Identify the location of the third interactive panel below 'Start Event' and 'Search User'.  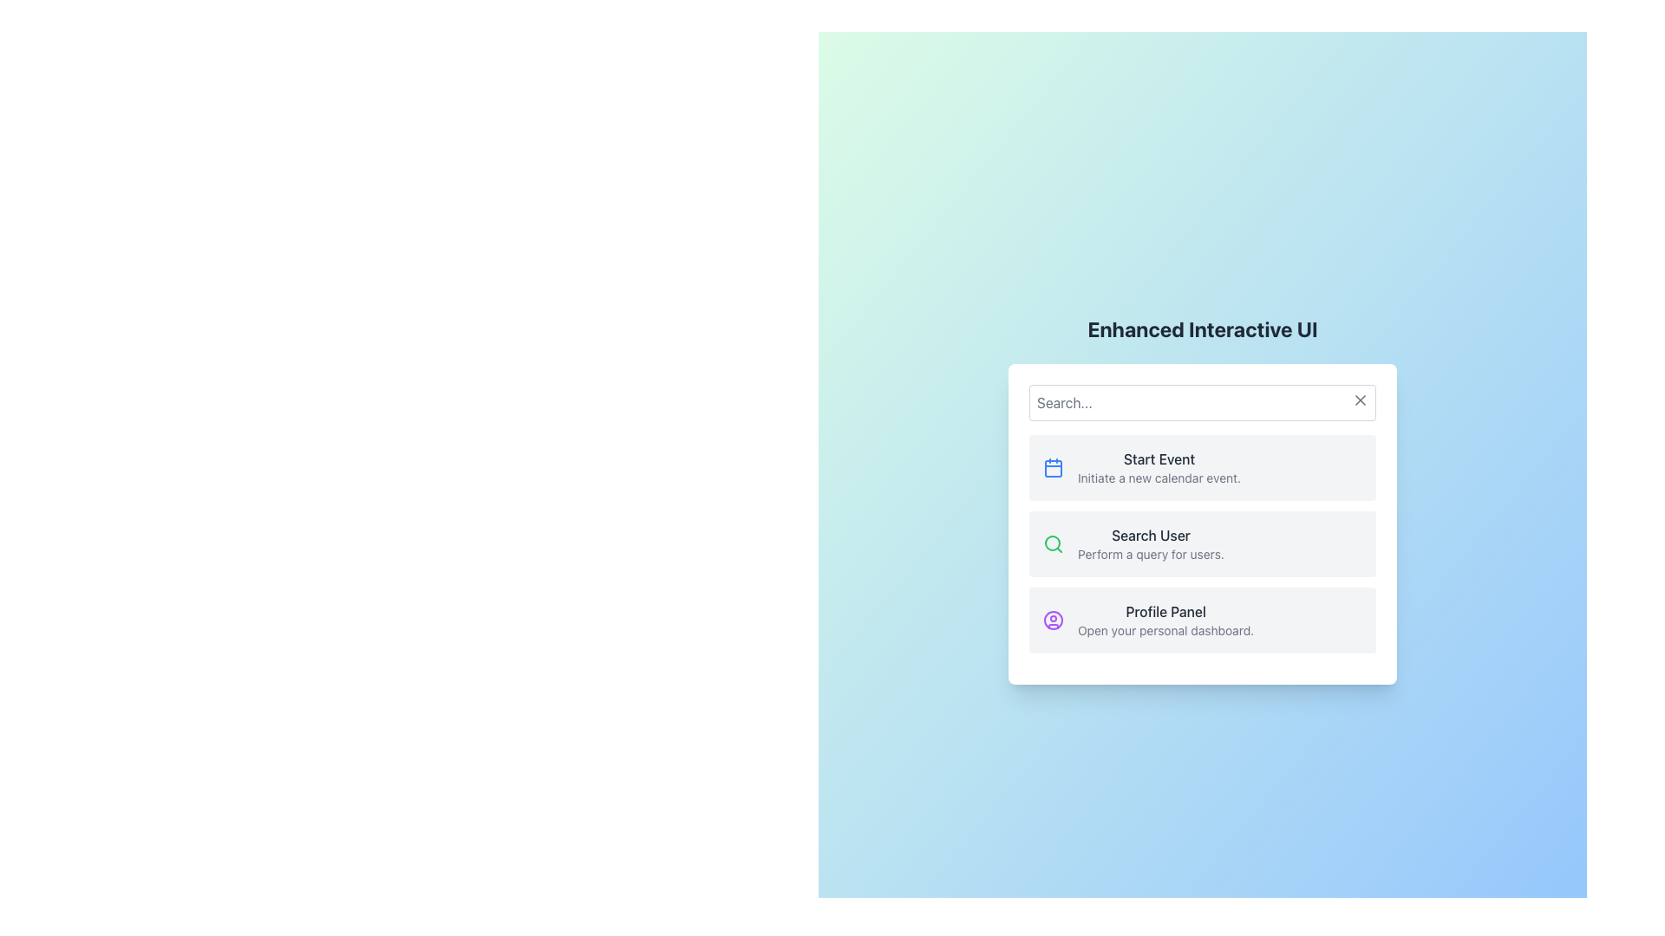
(1202, 620).